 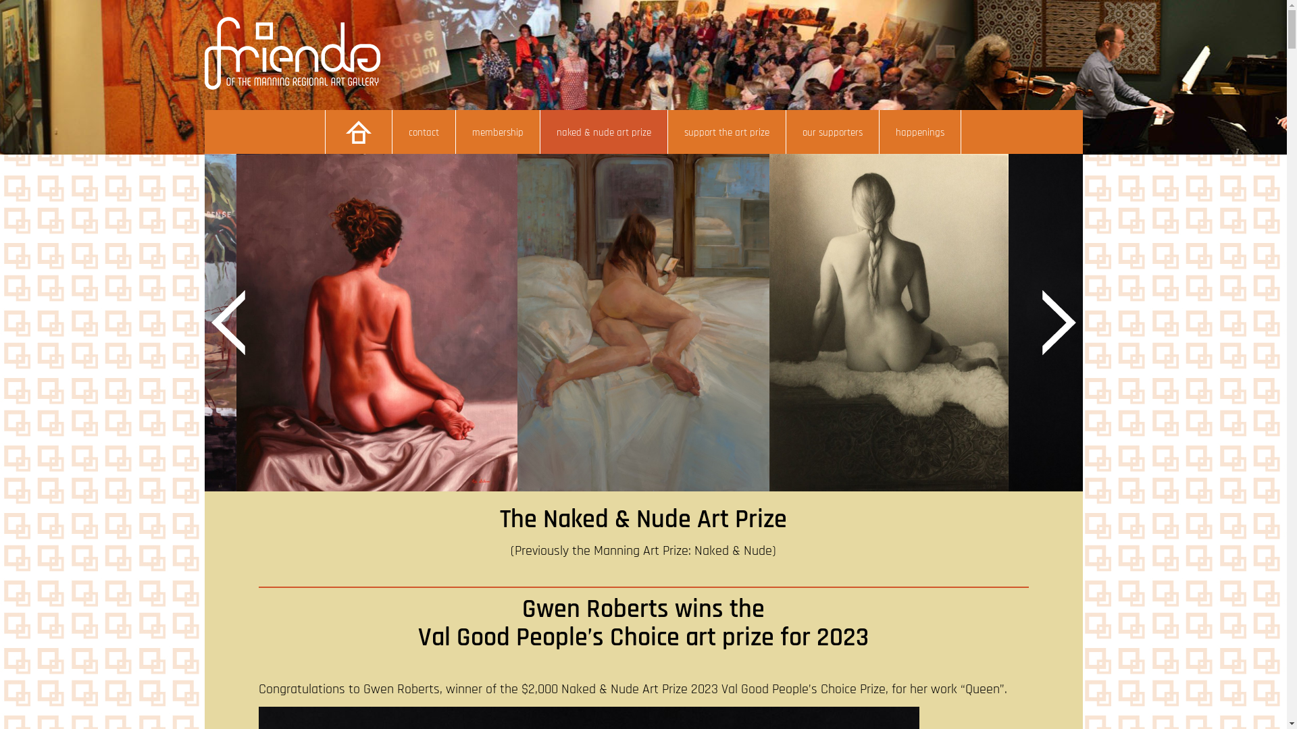 I want to click on 'Next', so click(x=1057, y=328).